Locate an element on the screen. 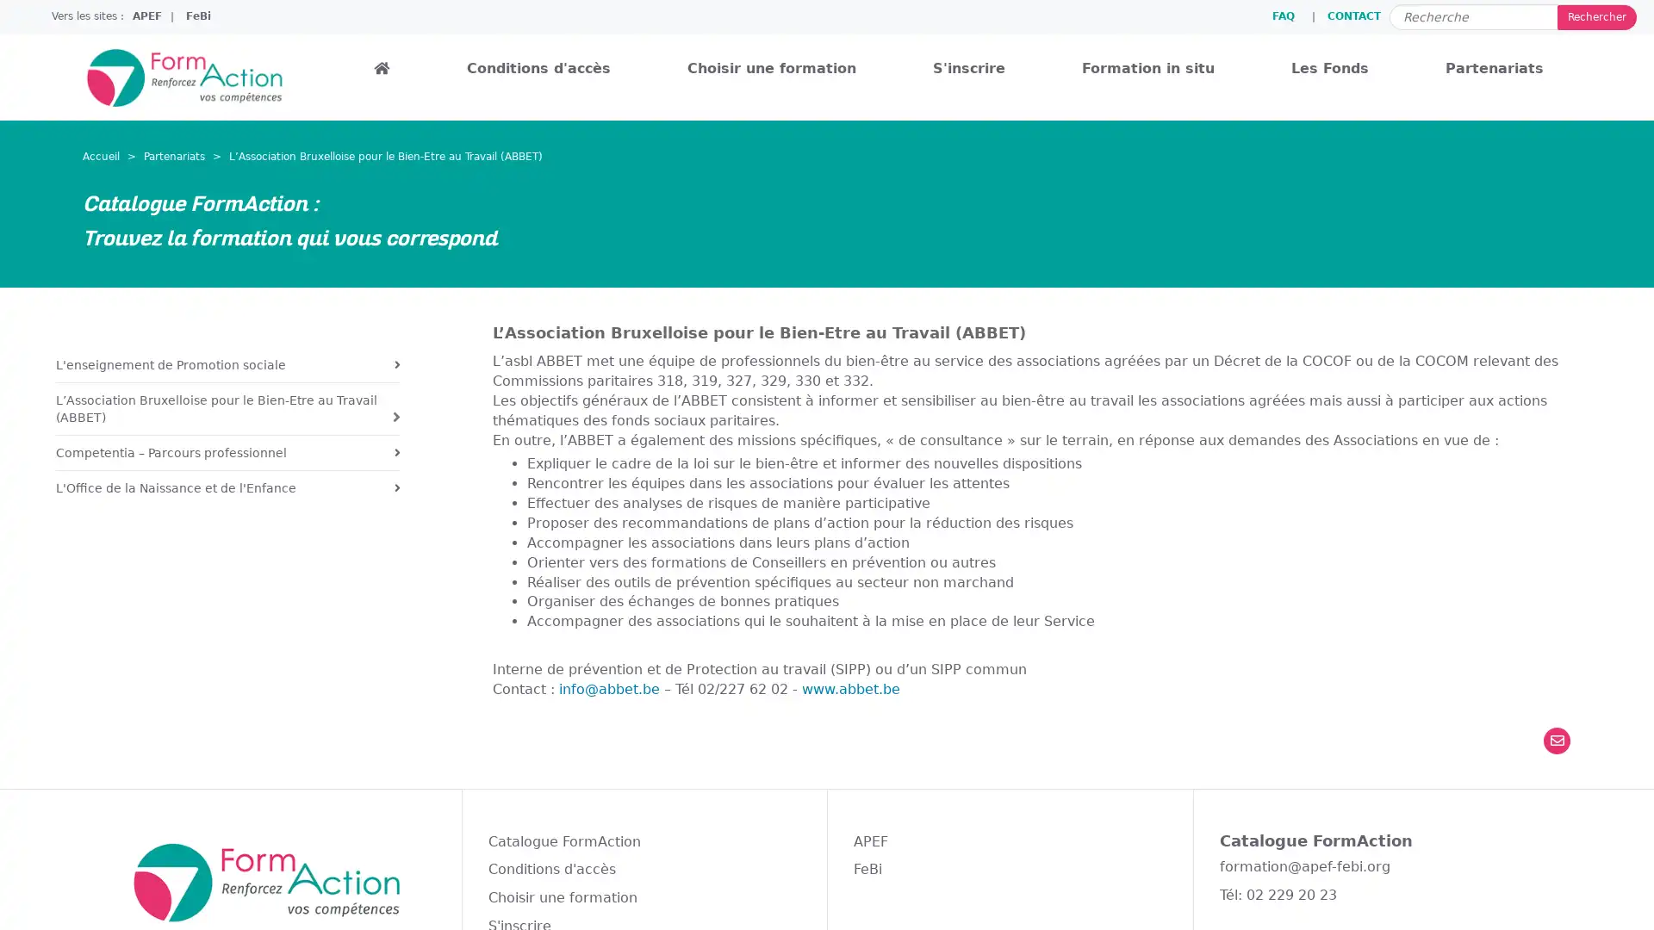  Rechercher is located at coordinates (1595, 16).